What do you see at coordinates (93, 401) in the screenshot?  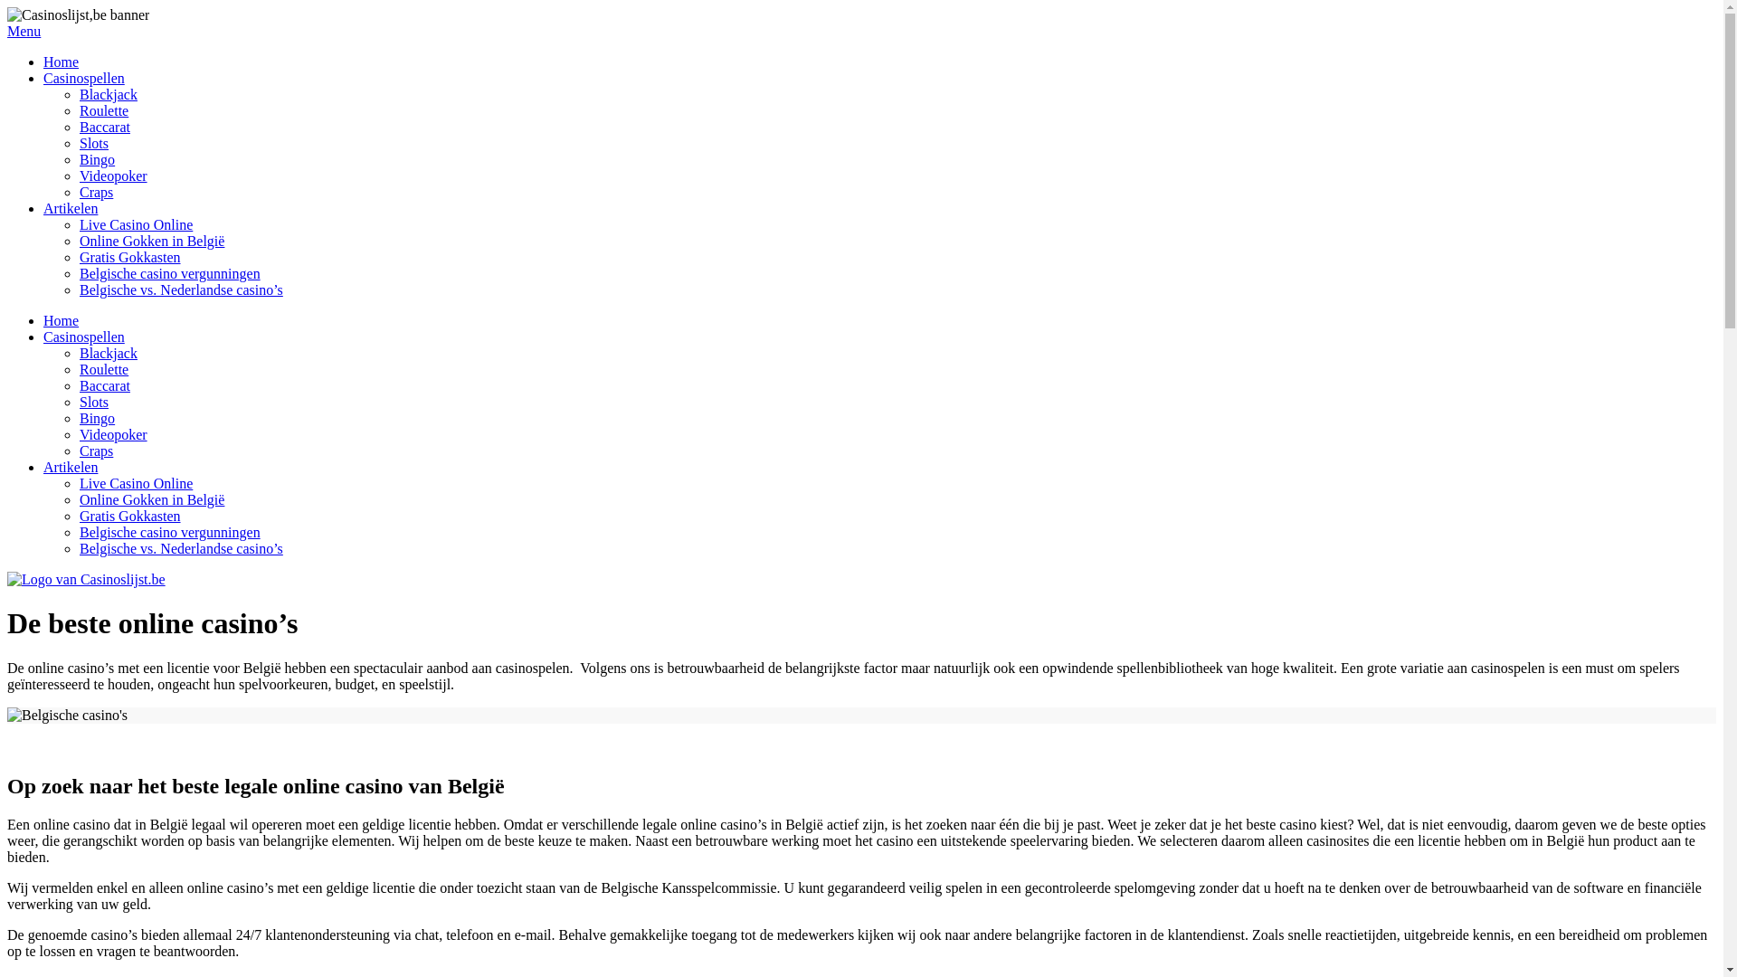 I see `'Slots'` at bounding box center [93, 401].